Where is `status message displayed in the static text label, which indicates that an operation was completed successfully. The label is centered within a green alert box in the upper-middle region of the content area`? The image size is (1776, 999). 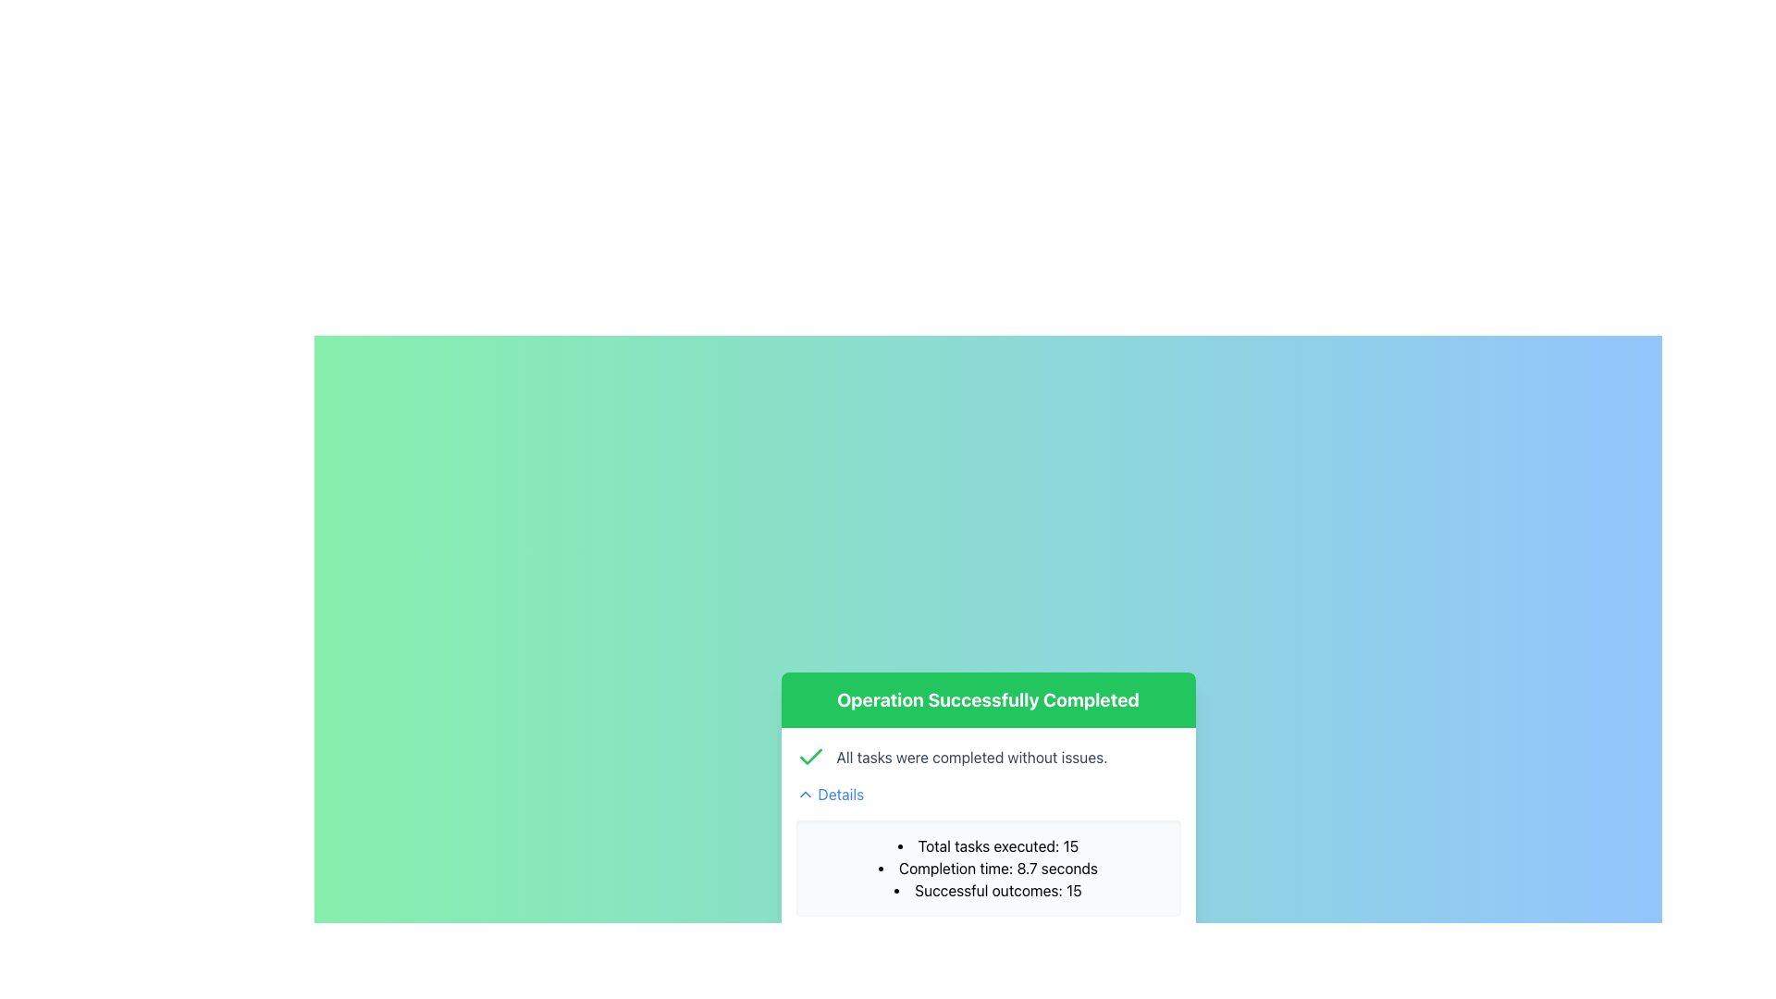
status message displayed in the static text label, which indicates that an operation was completed successfully. The label is centered within a green alert box in the upper-middle region of the content area is located at coordinates (987, 699).